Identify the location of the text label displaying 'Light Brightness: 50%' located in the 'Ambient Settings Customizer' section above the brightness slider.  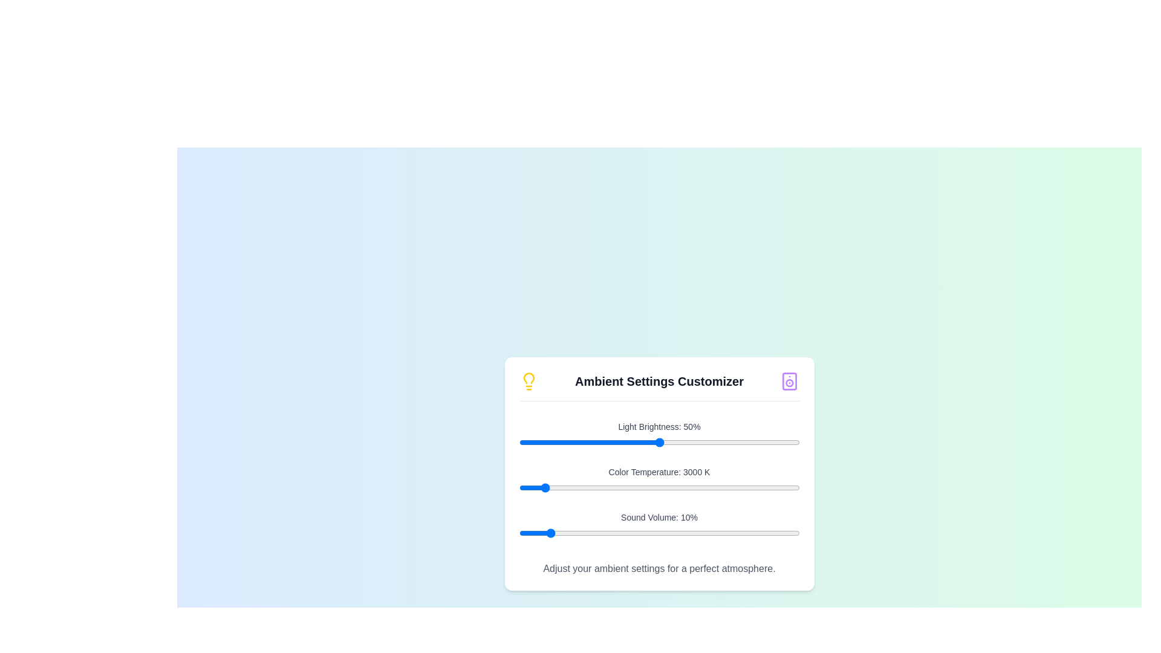
(659, 426).